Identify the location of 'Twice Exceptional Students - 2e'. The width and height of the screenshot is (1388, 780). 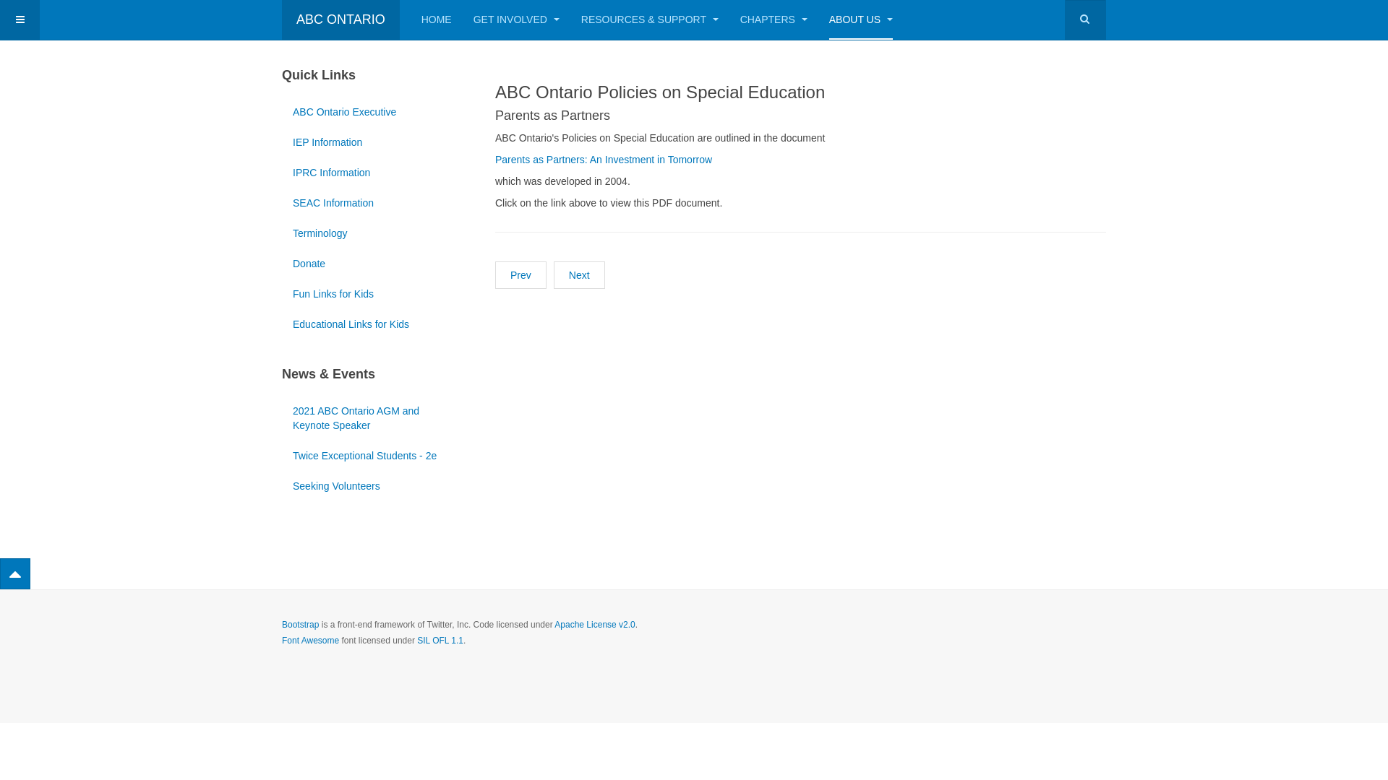
(374, 456).